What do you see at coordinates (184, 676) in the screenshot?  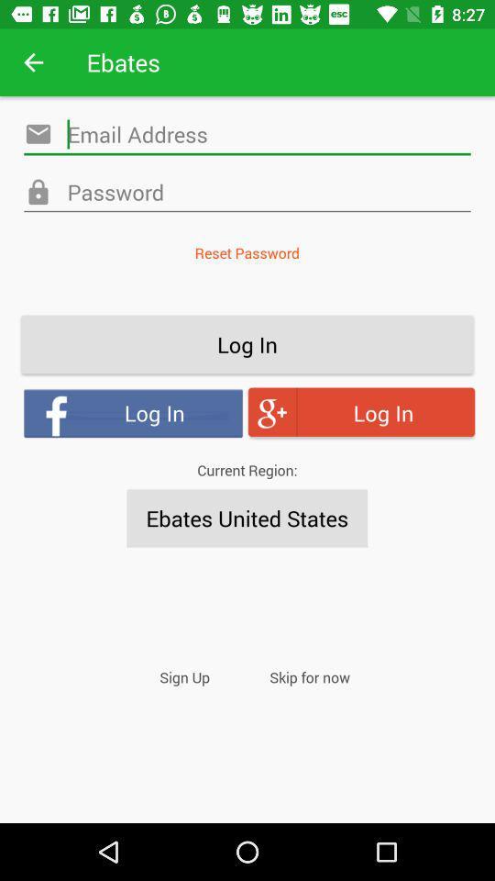 I see `the item next to skip for now` at bounding box center [184, 676].